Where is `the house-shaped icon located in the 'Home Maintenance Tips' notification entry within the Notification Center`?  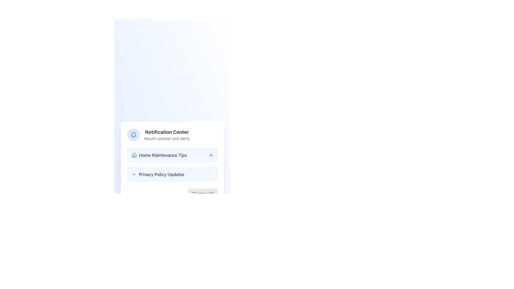
the house-shaped icon located in the 'Home Maintenance Tips' notification entry within the Notification Center is located at coordinates (134, 155).